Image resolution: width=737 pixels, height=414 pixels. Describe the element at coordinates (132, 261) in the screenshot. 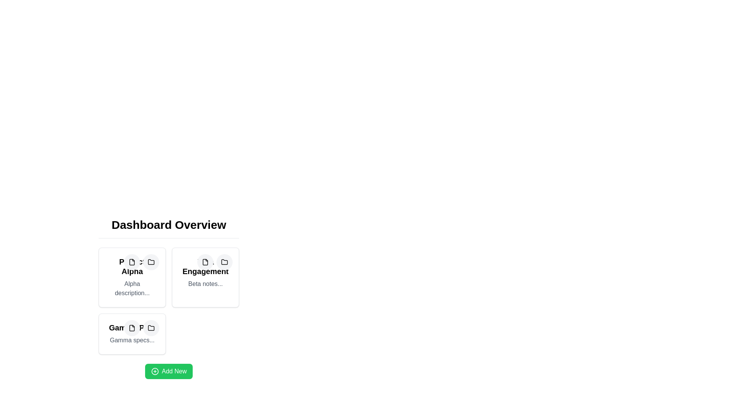

I see `the icon shape resembling a document in the card labeled 'Alpha' located in the first row and first column under the 'Dashboard Overview' section` at that location.